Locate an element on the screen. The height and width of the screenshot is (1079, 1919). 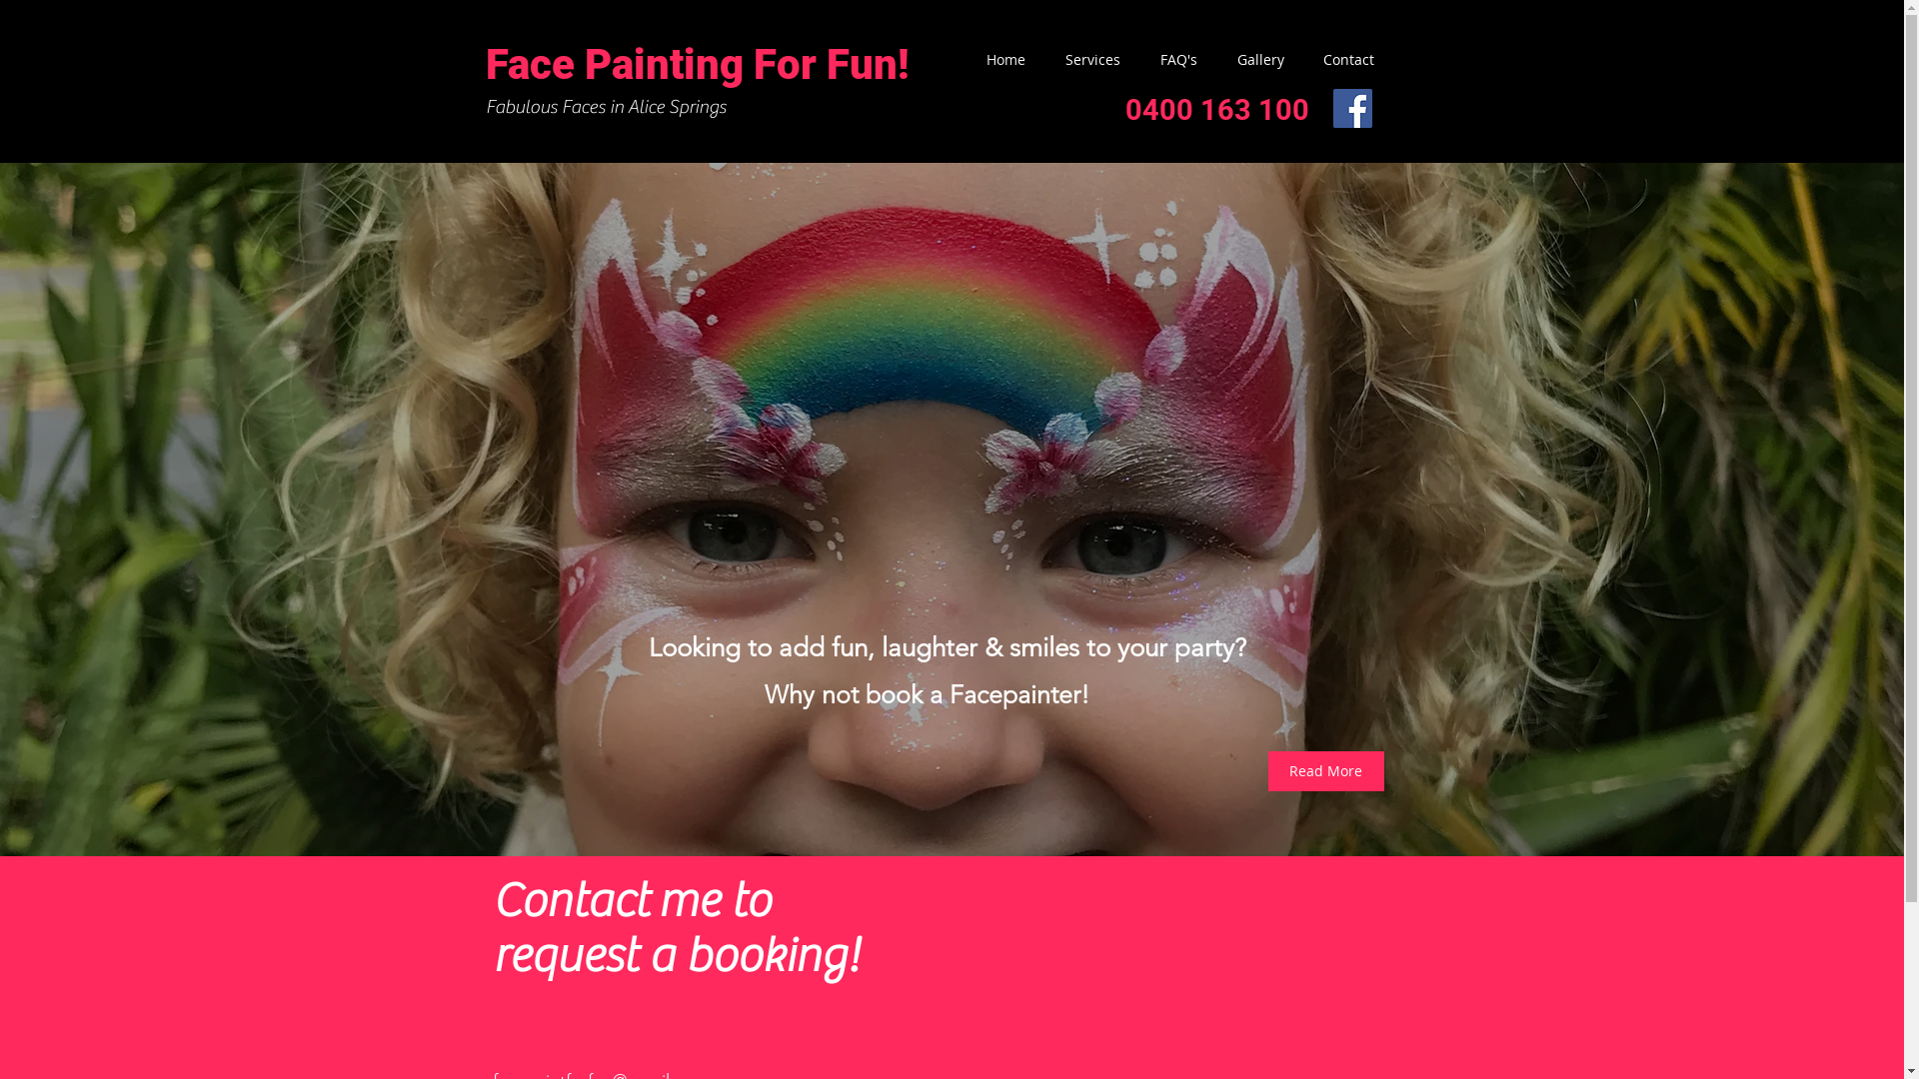
'Home' is located at coordinates (994, 59).